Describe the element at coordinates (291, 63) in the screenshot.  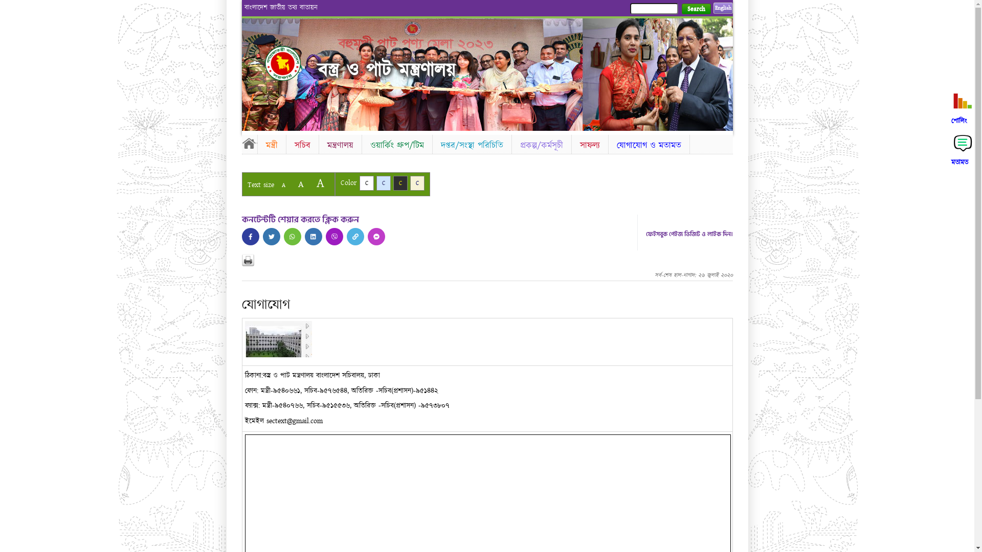
I see `'Home'` at that location.